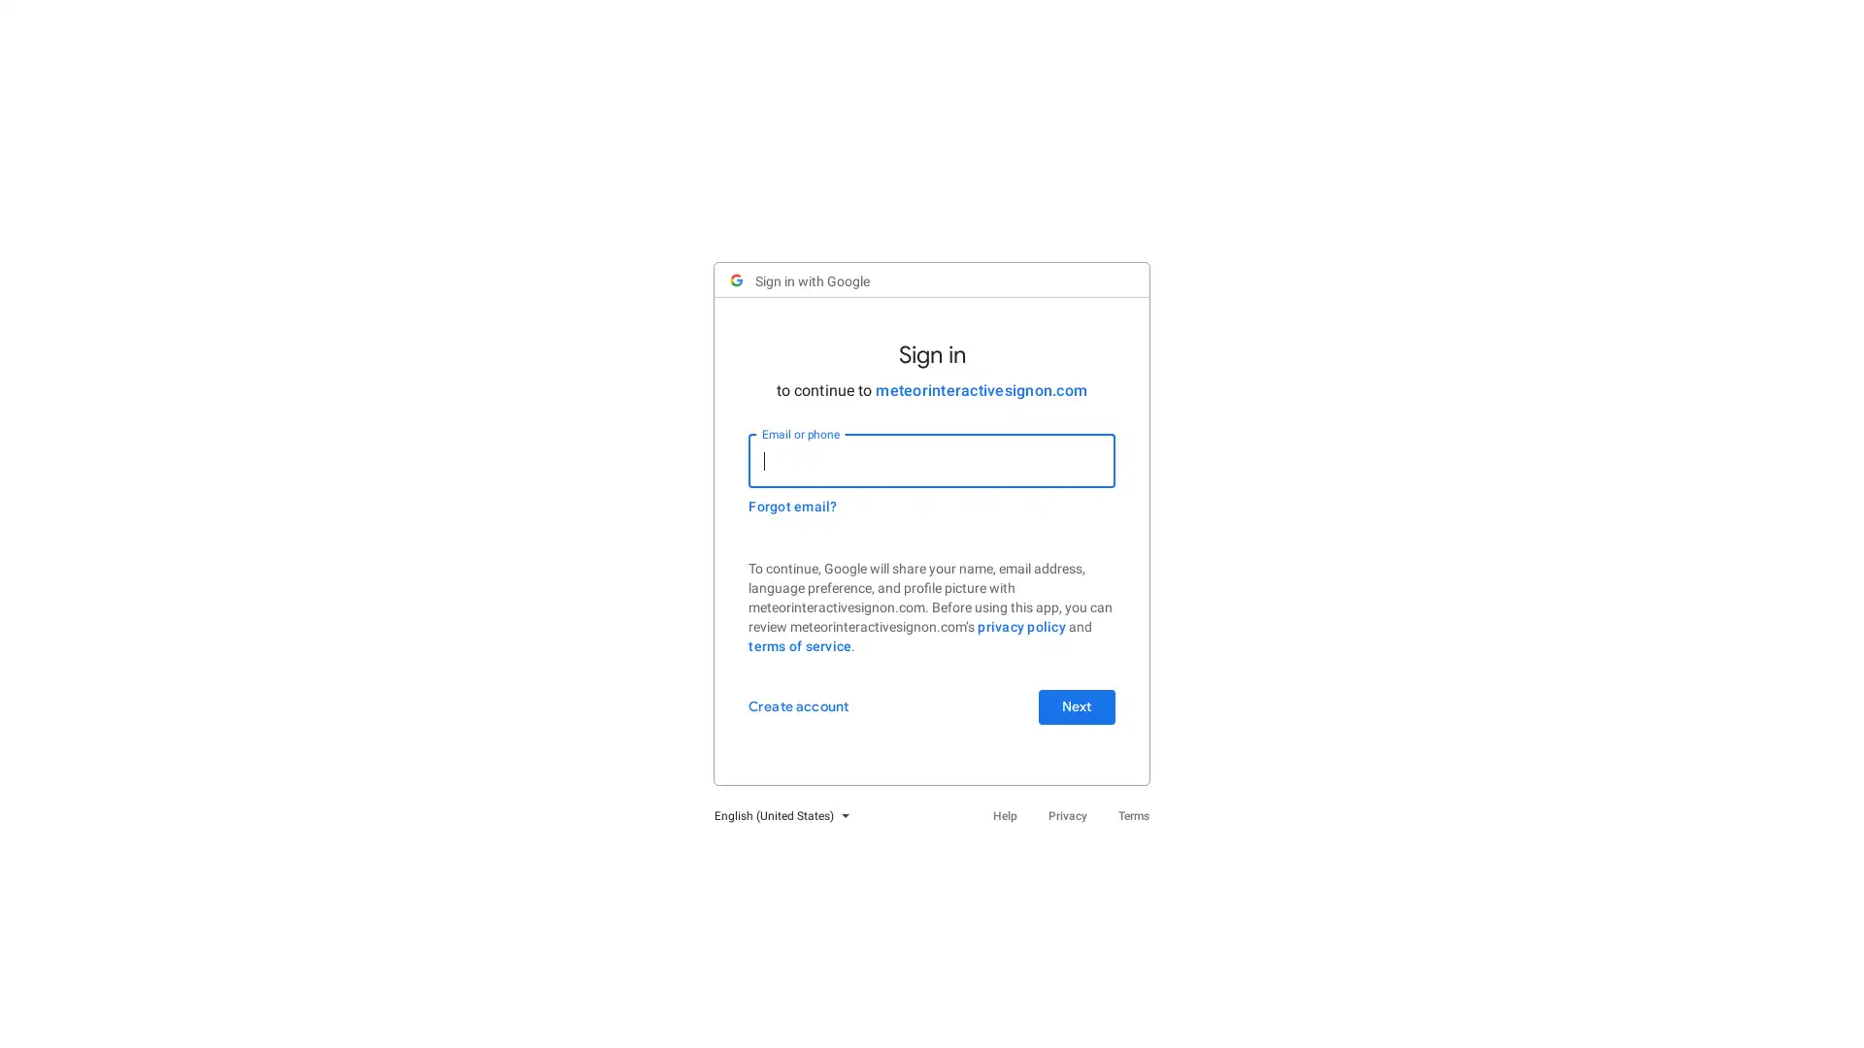 This screenshot has height=1048, width=1864. I want to click on Create account, so click(803, 710).